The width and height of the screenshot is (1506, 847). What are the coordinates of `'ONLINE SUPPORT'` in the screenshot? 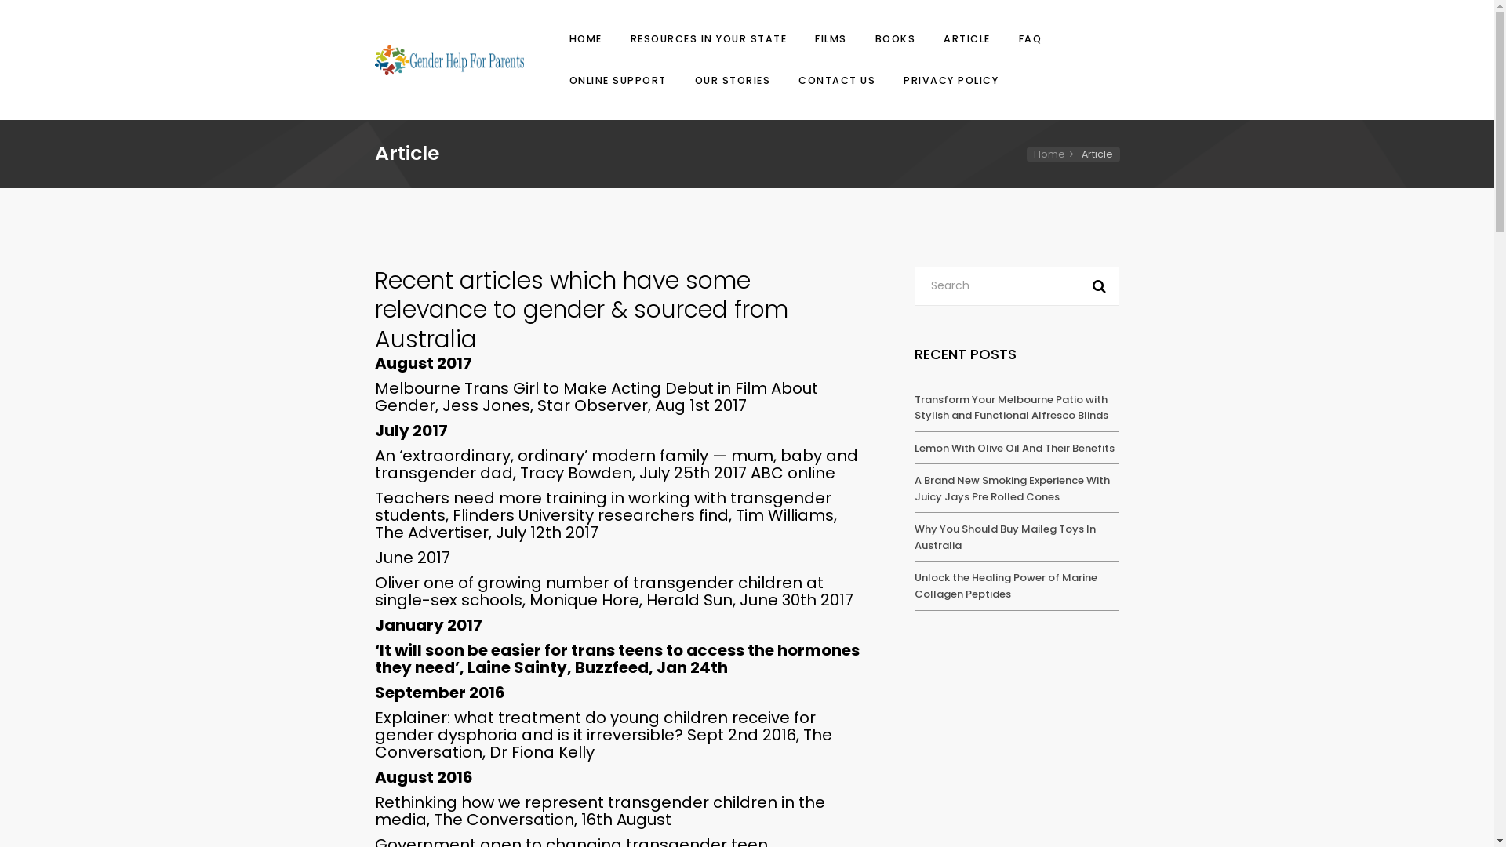 It's located at (617, 80).